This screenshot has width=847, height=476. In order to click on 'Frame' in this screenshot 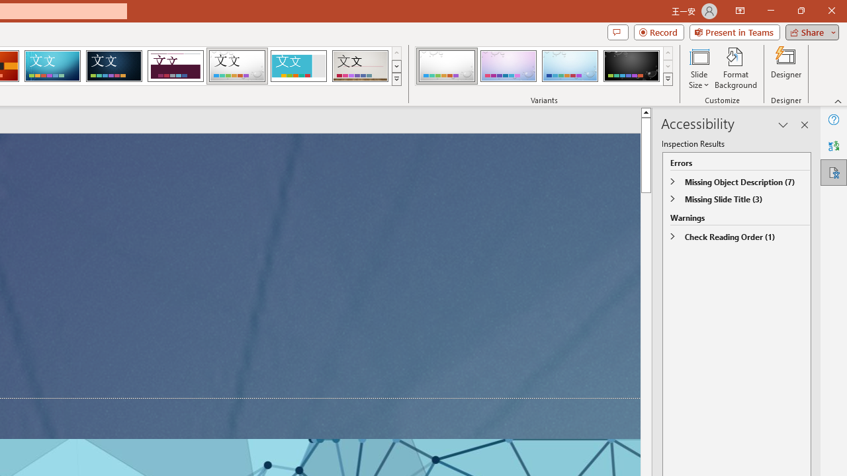, I will do `click(298, 66)`.